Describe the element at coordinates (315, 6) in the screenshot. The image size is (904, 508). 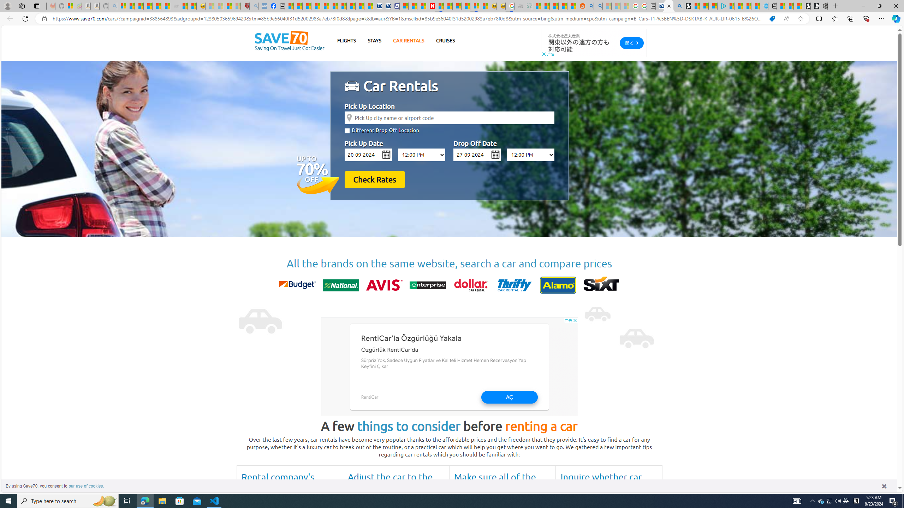
I see `'Climate Damage Becomes Too Severe To Reverse'` at that location.